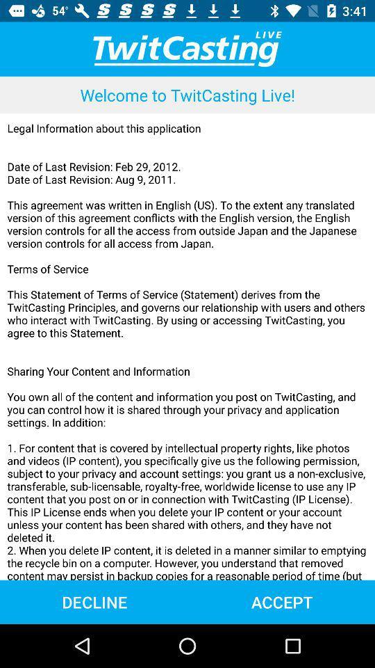  What do you see at coordinates (281, 601) in the screenshot?
I see `the accept icon` at bounding box center [281, 601].